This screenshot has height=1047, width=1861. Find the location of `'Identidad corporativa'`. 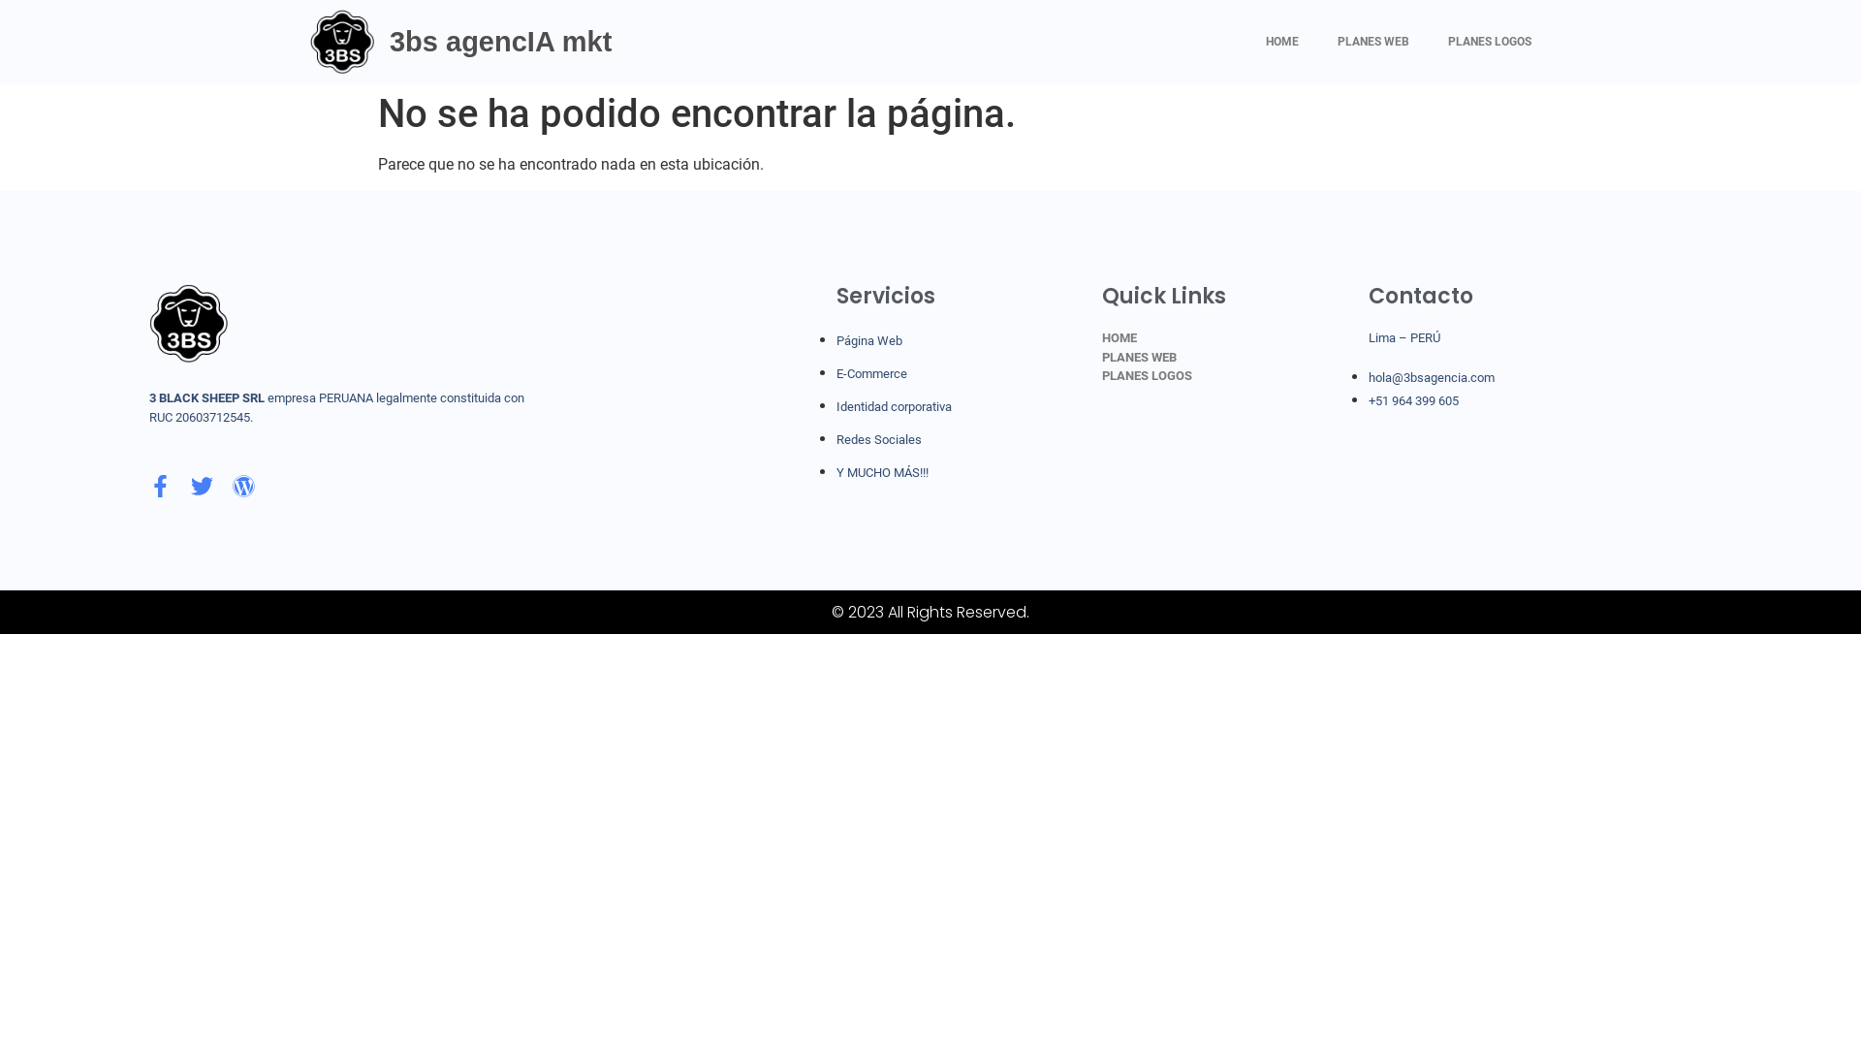

'Identidad corporativa' is located at coordinates (893, 405).